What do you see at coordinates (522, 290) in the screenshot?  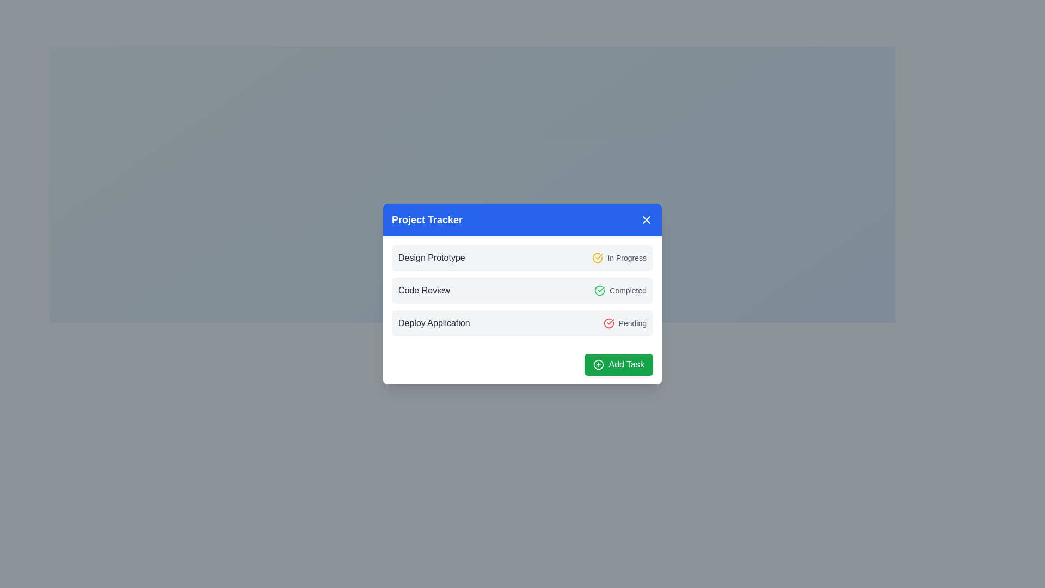 I see `the 'Code Review' task status card in the Project Tracker, which indicates its current status as 'Completed'` at bounding box center [522, 290].